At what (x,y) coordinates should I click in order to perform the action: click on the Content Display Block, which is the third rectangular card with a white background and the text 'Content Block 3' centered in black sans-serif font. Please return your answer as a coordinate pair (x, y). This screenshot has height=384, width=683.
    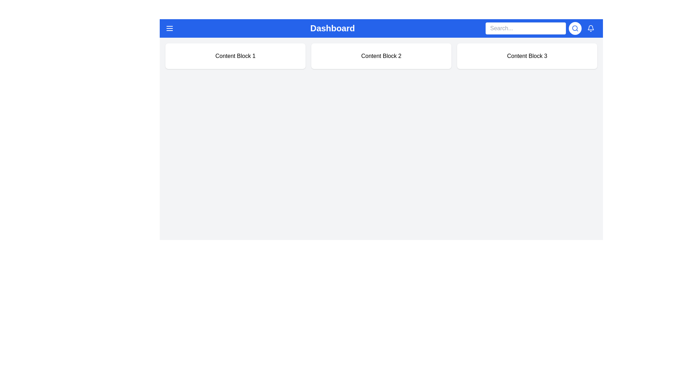
    Looking at the image, I should click on (527, 56).